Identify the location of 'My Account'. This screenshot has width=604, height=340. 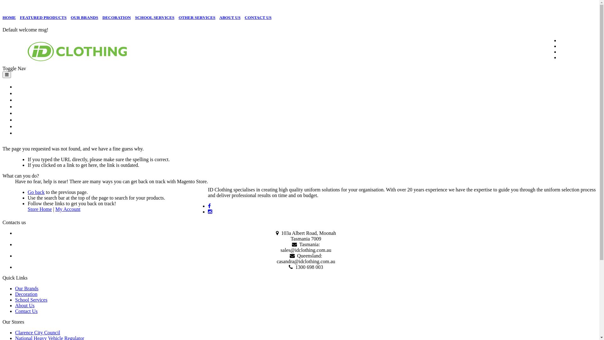
(55, 209).